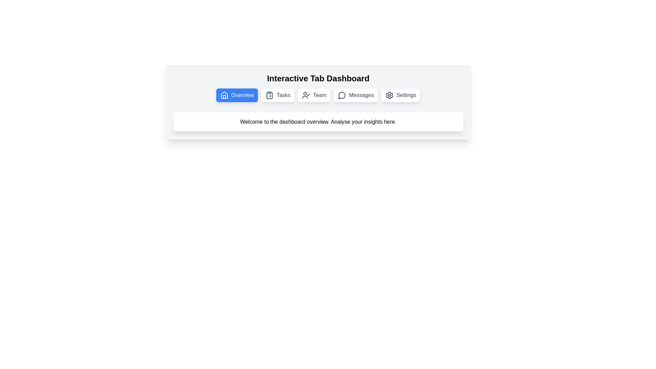 The height and width of the screenshot is (369, 656). What do you see at coordinates (269, 96) in the screenshot?
I see `the 'Tasks' navigation icon, which serves as a visual indicator for task management` at bounding box center [269, 96].